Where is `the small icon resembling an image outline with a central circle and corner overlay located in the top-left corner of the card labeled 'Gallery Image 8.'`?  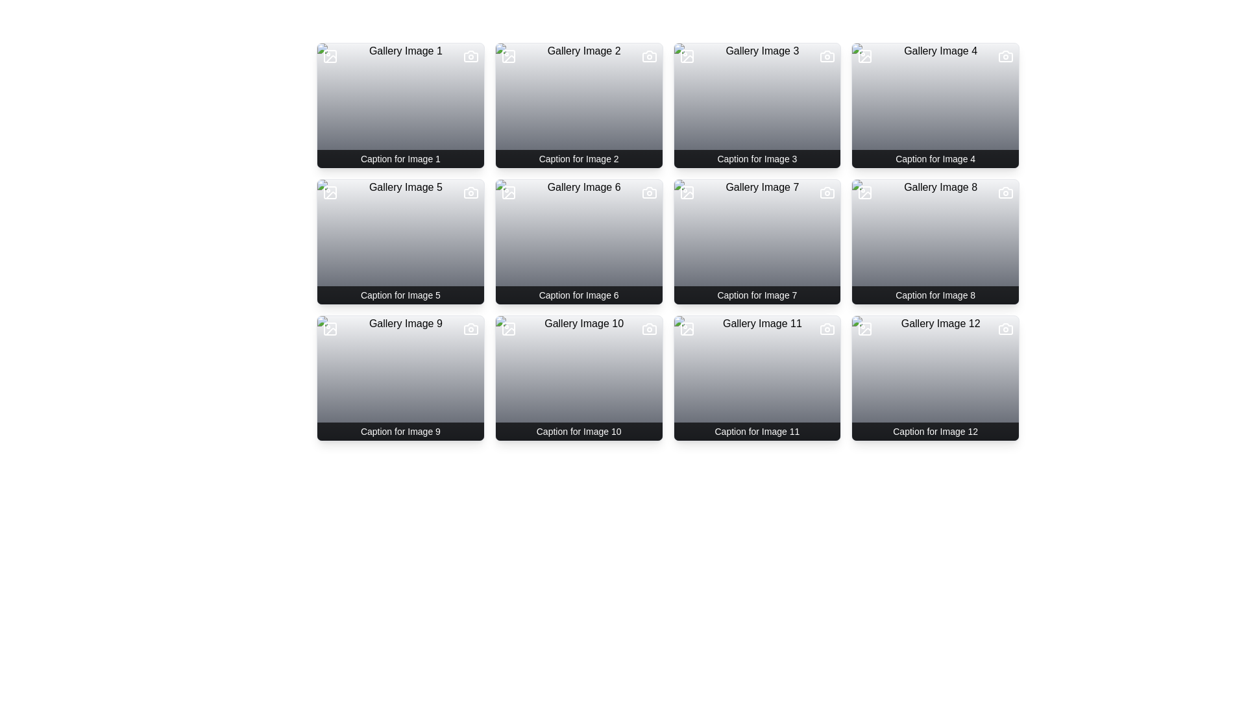 the small icon resembling an image outline with a central circle and corner overlay located in the top-left corner of the card labeled 'Gallery Image 8.' is located at coordinates (865, 193).